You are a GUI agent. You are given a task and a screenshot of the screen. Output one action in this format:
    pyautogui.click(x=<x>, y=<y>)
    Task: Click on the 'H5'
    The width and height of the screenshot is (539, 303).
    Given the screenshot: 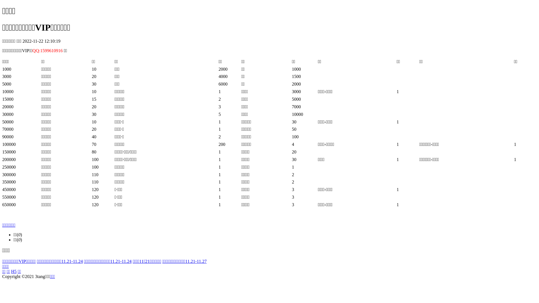 What is the action you would take?
    pyautogui.click(x=13, y=271)
    